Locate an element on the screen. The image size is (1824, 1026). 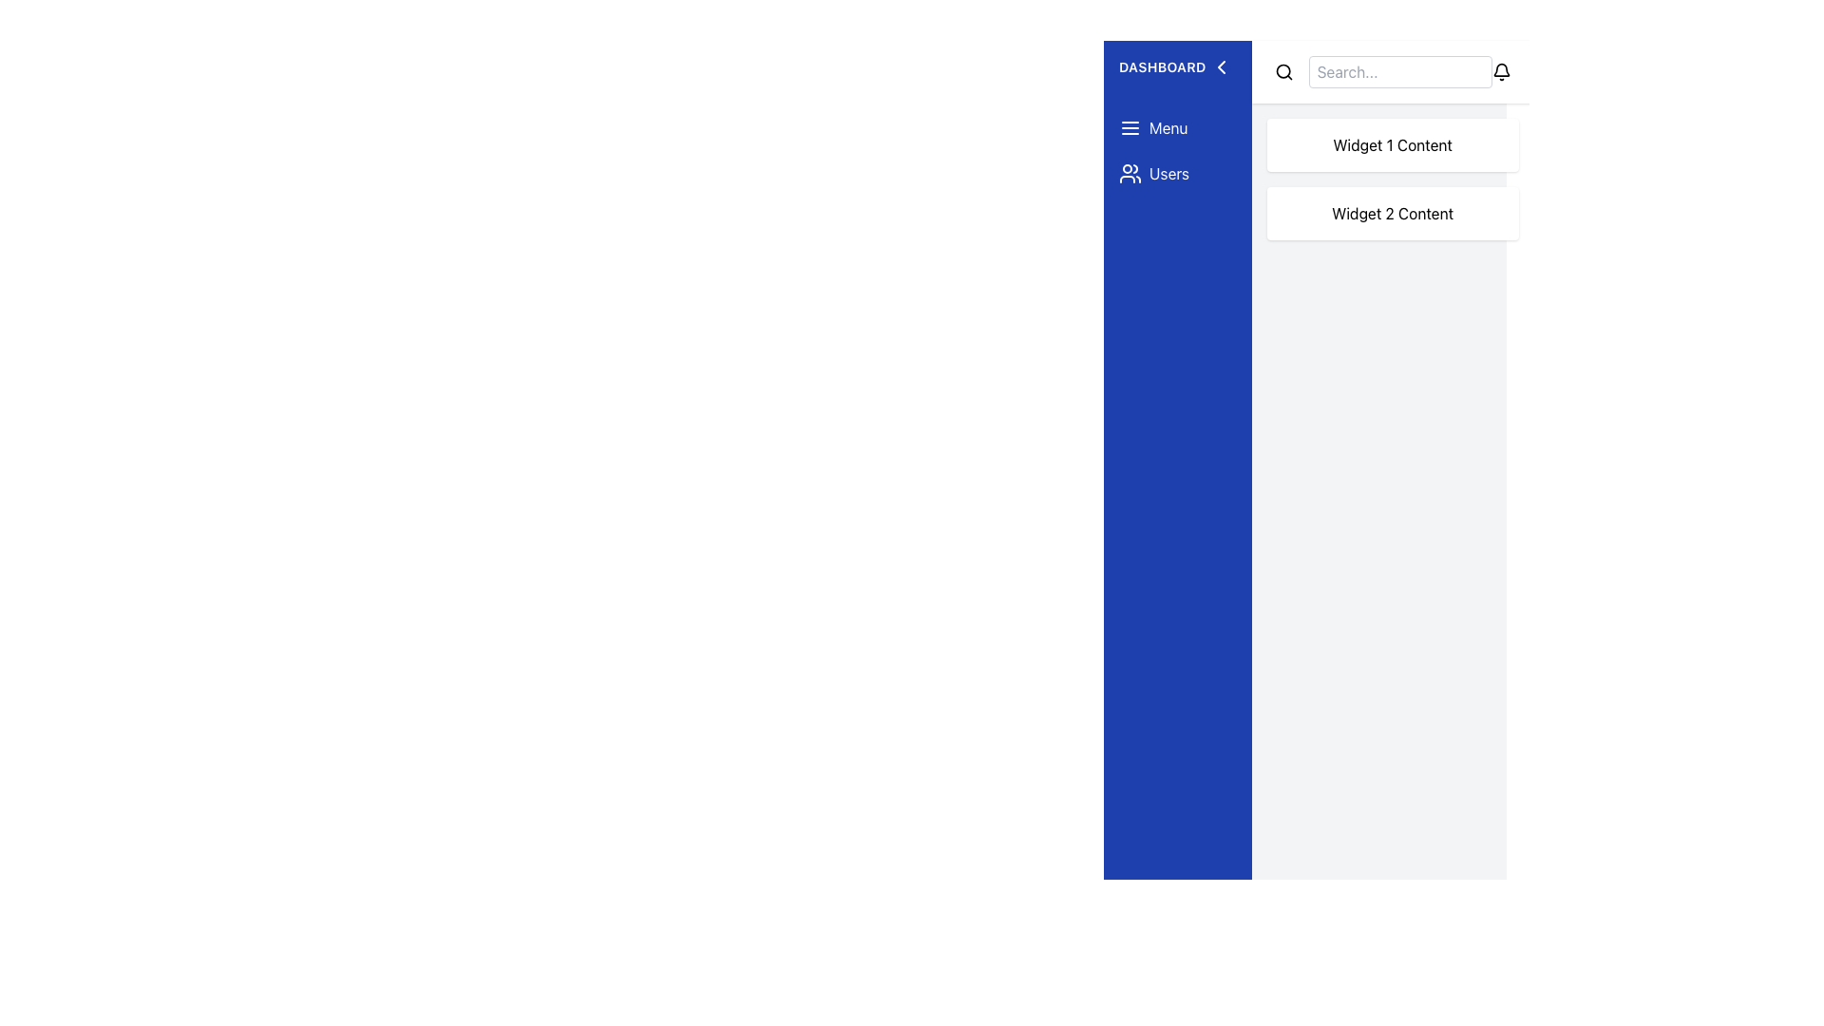
the Text Label that describes the menu navigation option, located to the right of the menu icon and above the Users item is located at coordinates (1168, 128).